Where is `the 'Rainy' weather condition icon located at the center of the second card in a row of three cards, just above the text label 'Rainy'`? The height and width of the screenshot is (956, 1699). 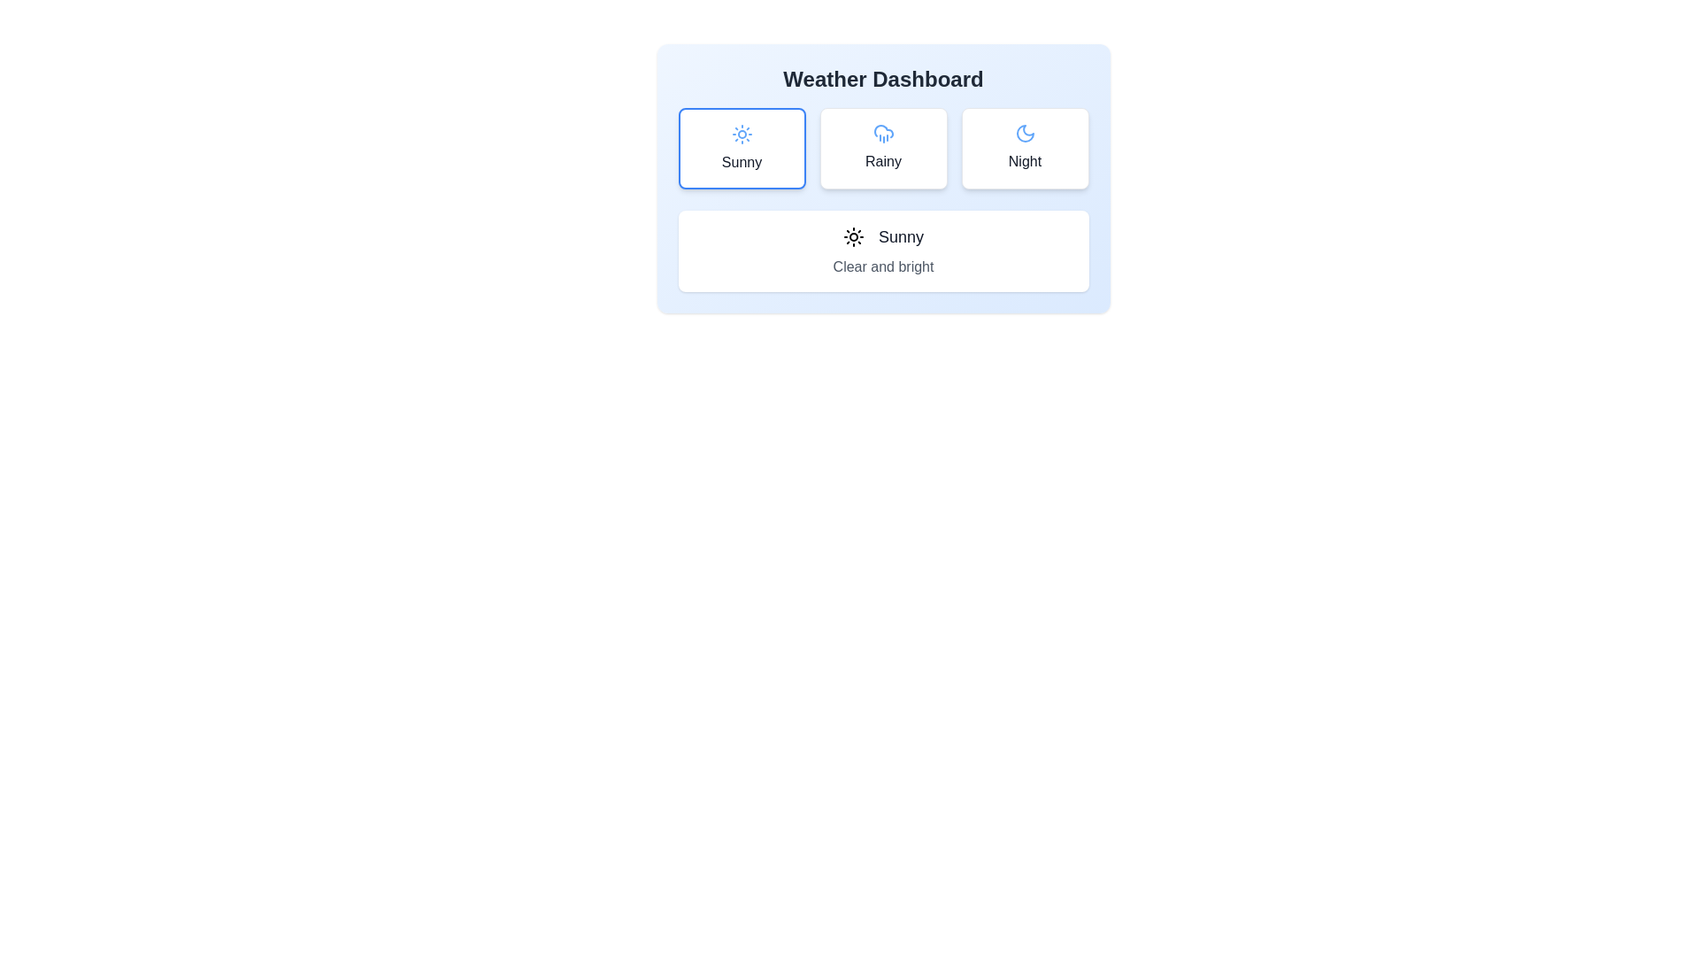 the 'Rainy' weather condition icon located at the center of the second card in a row of three cards, just above the text label 'Rainy' is located at coordinates (883, 132).